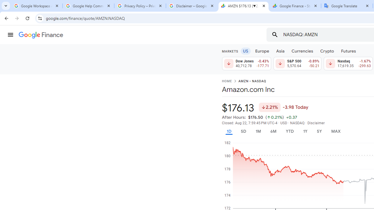 This screenshot has width=374, height=210. Describe the element at coordinates (226, 81) in the screenshot. I see `'HOME'` at that location.